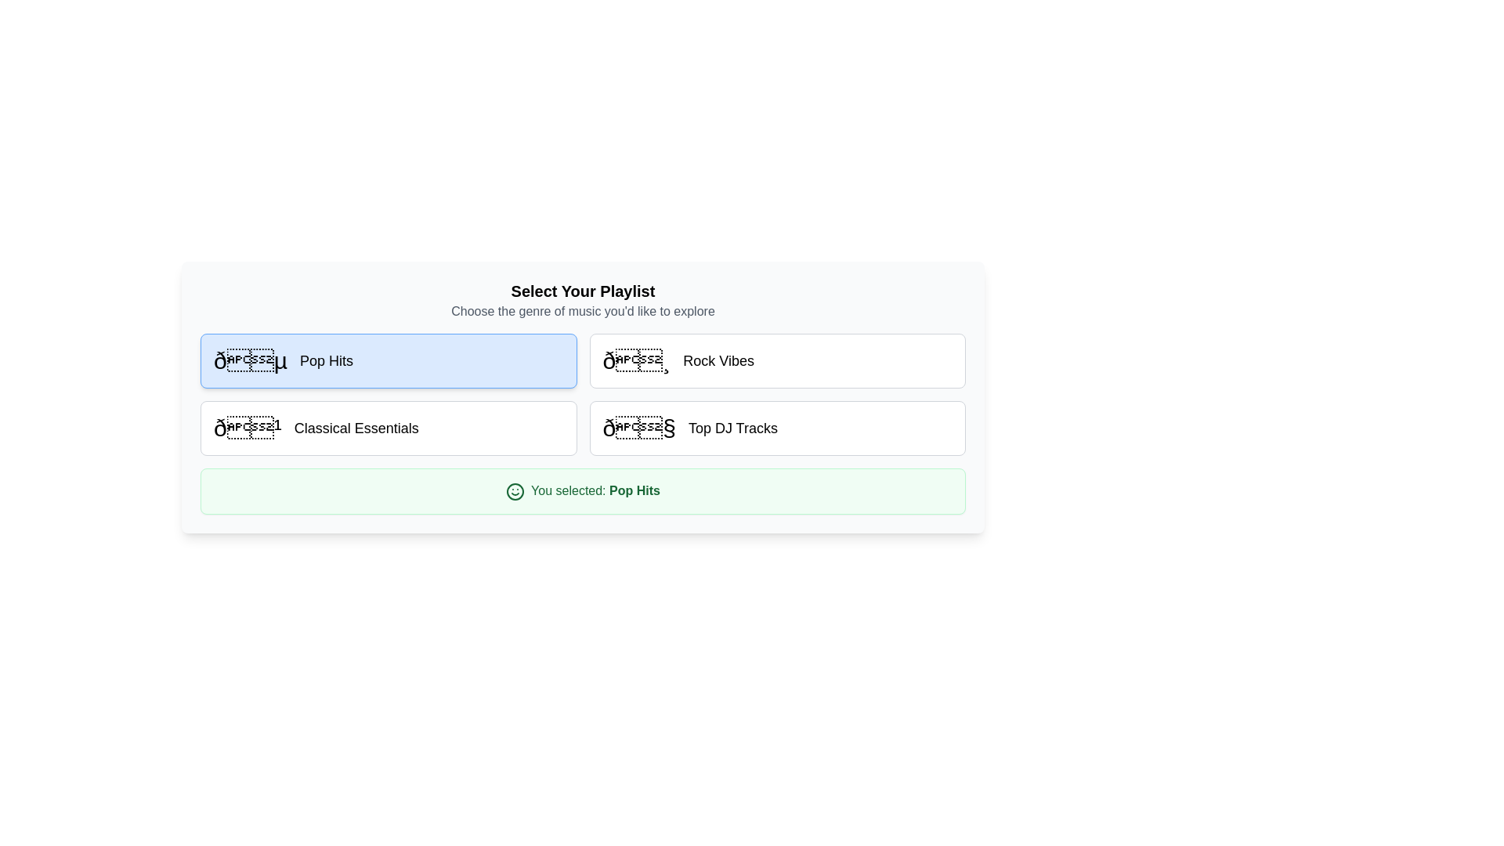 This screenshot has width=1504, height=846. What do you see at coordinates (251, 361) in the screenshot?
I see `the large music note emoji symbol, which is styled in bold and located to the left of the 'Pop Hits' label within a blue rectangular button` at bounding box center [251, 361].